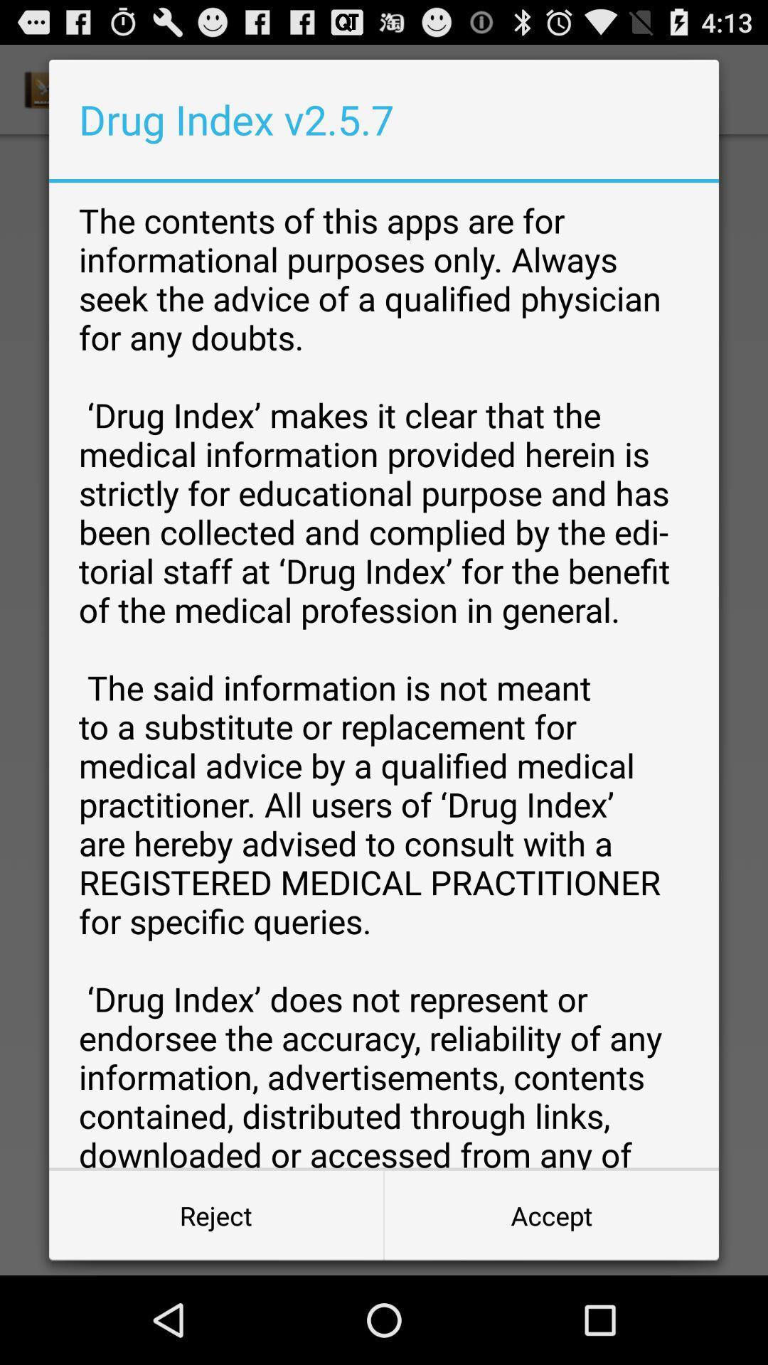 This screenshot has height=1365, width=768. What do you see at coordinates (216, 1214) in the screenshot?
I see `app below the the contents of app` at bounding box center [216, 1214].